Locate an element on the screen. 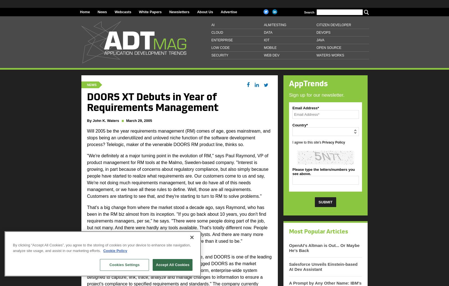 This screenshot has height=286, width=449. 'Webcasts' is located at coordinates (122, 12).